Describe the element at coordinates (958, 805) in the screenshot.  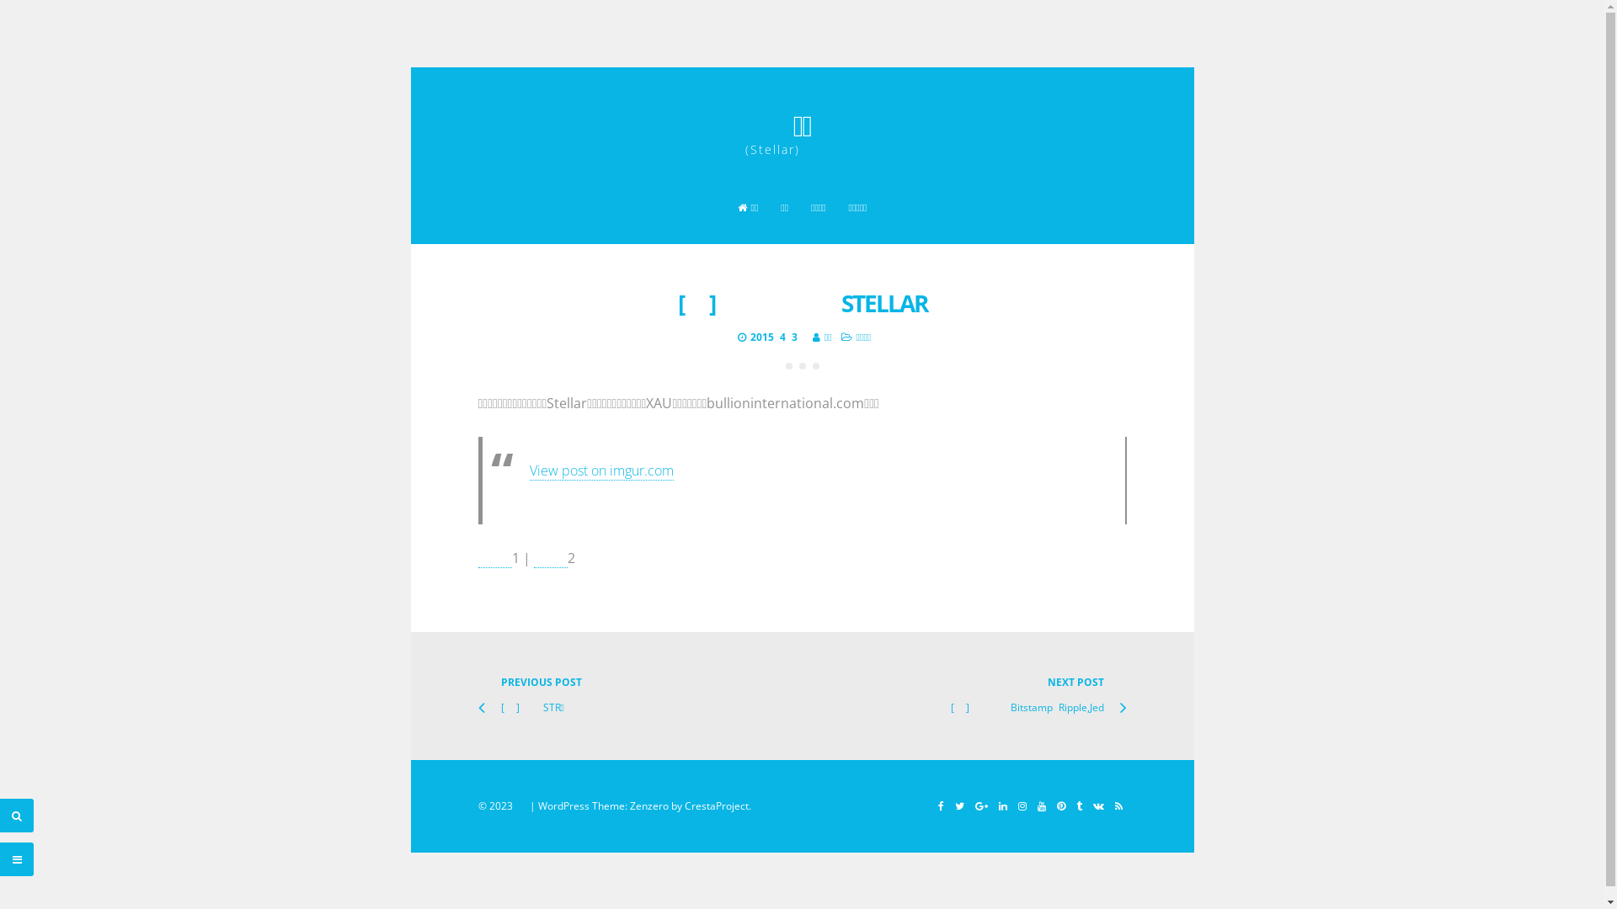
I see `'Twitter'` at that location.